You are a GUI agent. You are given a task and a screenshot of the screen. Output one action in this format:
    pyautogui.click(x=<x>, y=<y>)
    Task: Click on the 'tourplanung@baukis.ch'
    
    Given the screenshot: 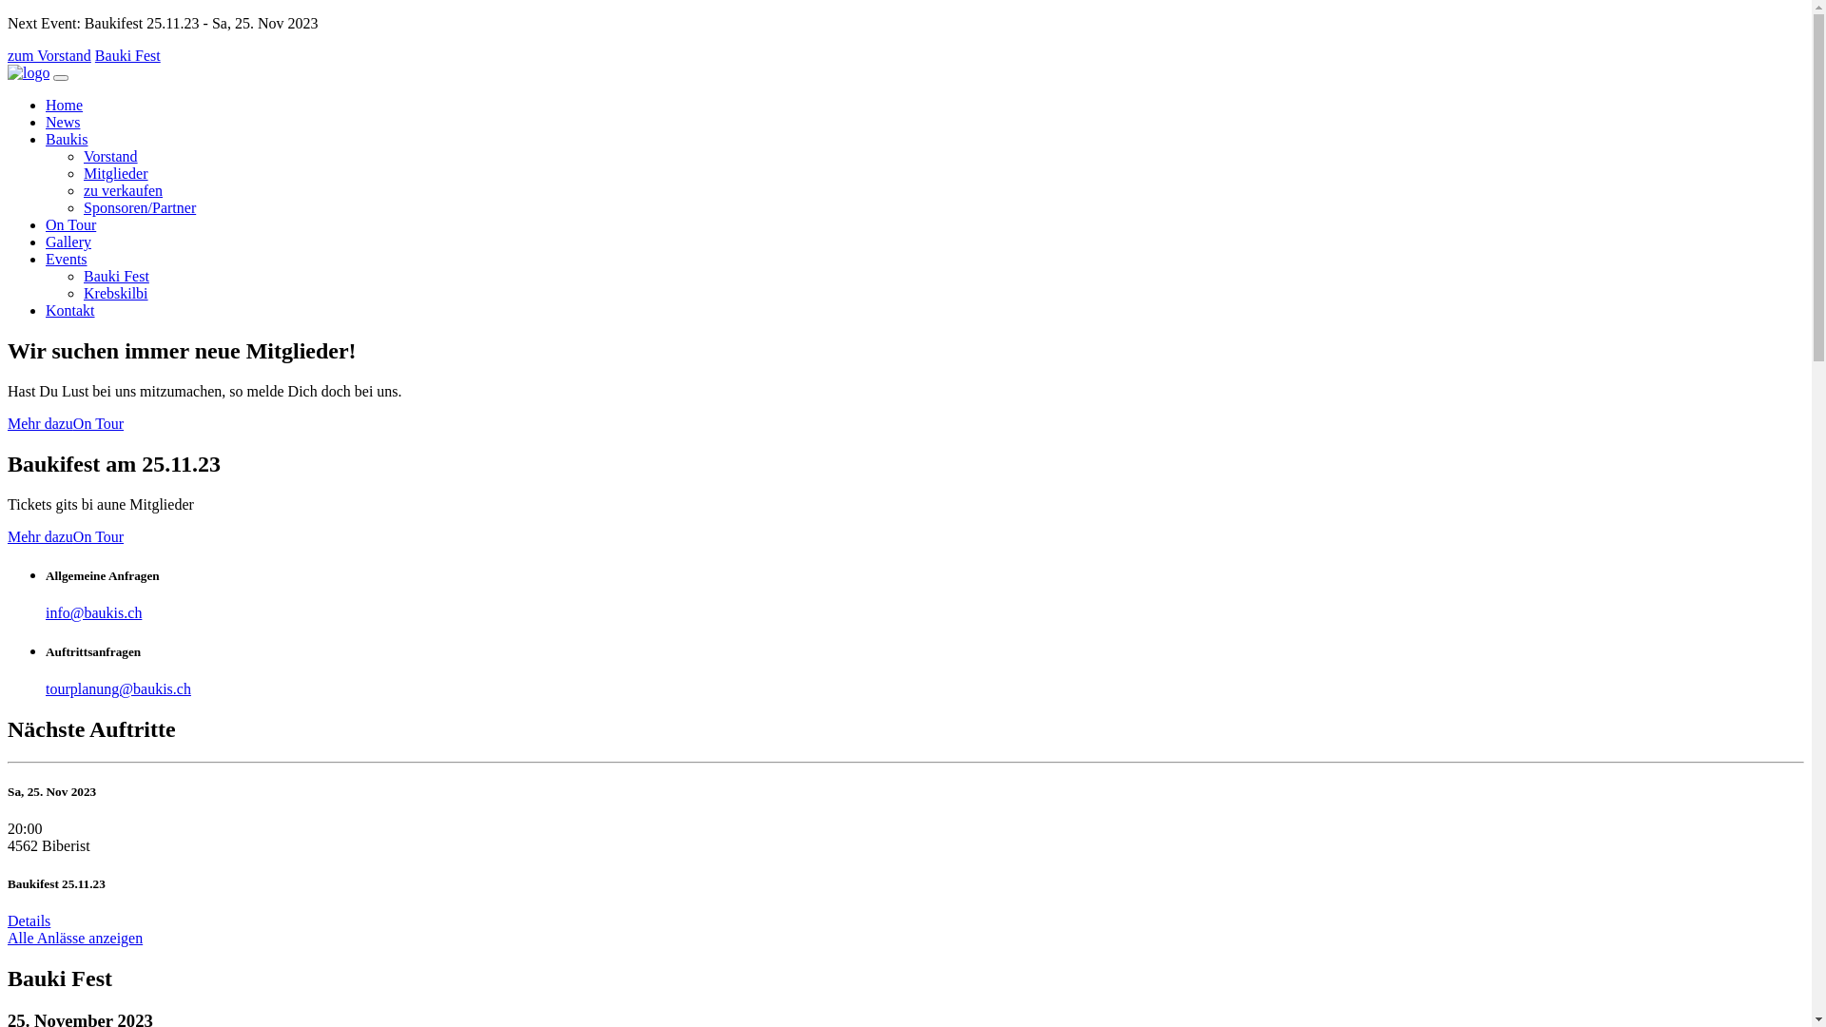 What is the action you would take?
    pyautogui.click(x=117, y=688)
    